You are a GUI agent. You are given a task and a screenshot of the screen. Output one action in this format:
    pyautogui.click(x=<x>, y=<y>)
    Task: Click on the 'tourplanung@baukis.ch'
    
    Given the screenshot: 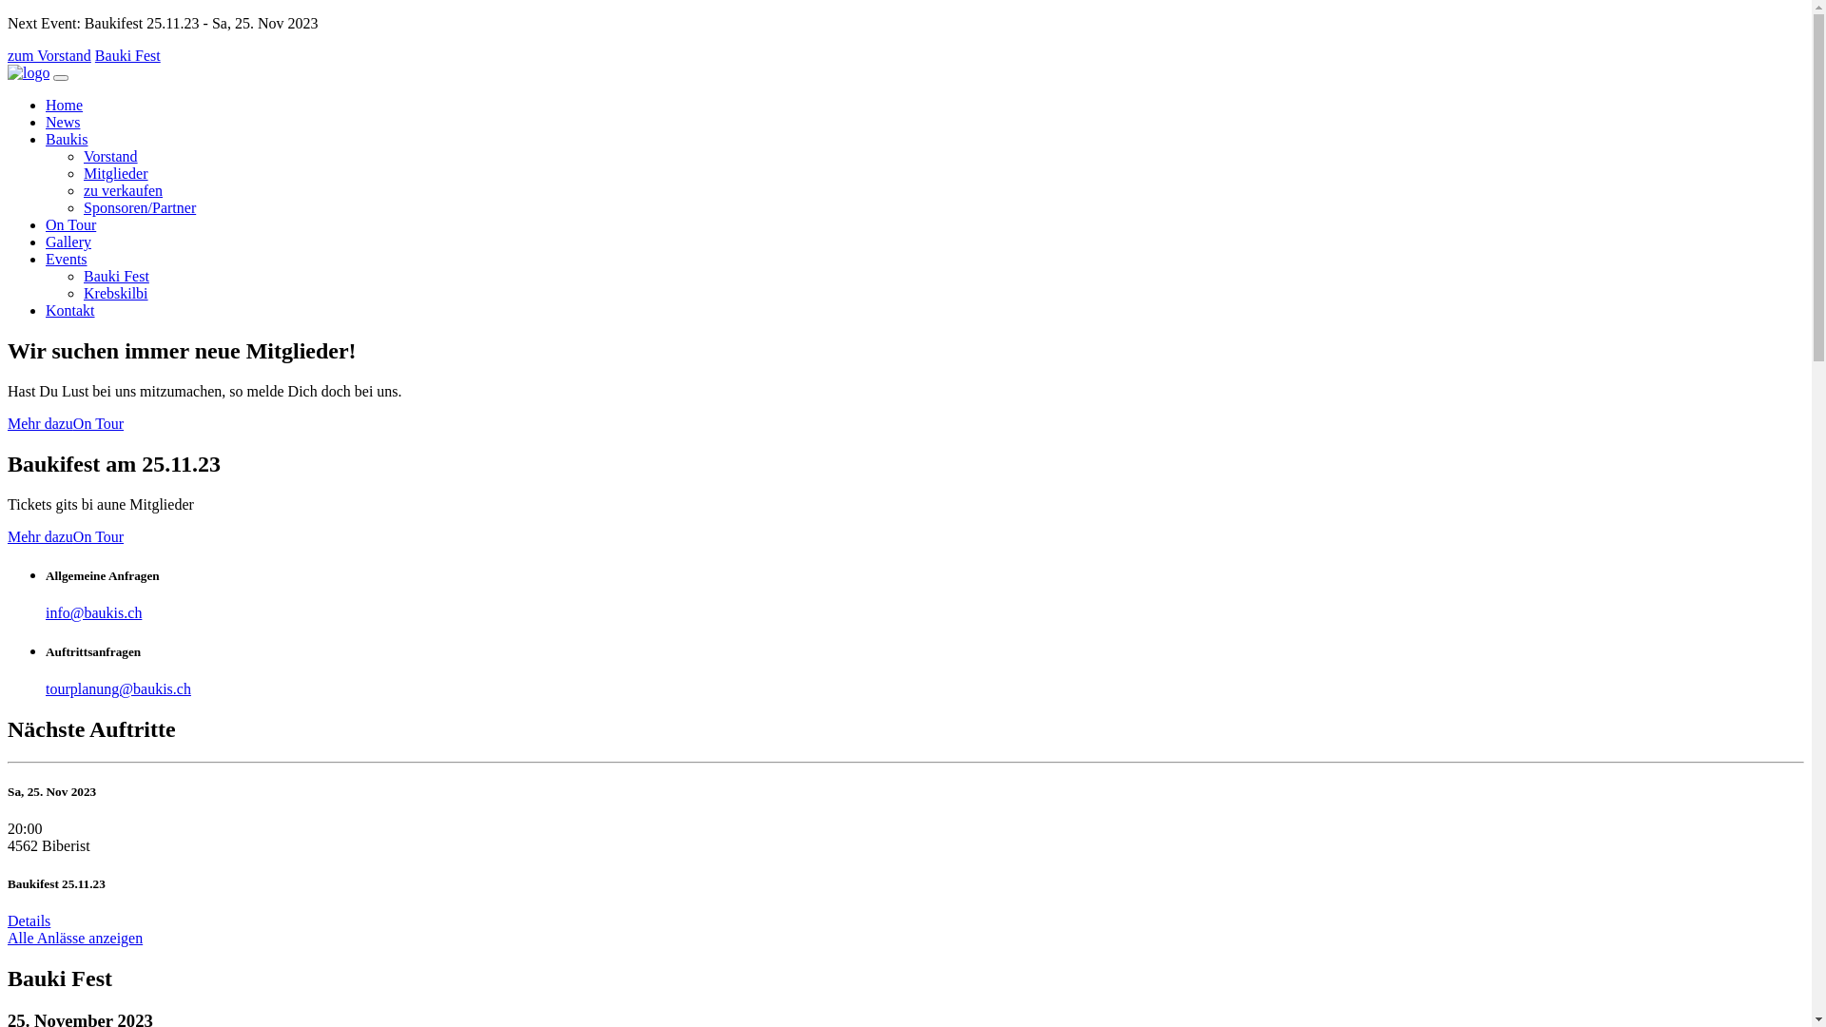 What is the action you would take?
    pyautogui.click(x=117, y=688)
    